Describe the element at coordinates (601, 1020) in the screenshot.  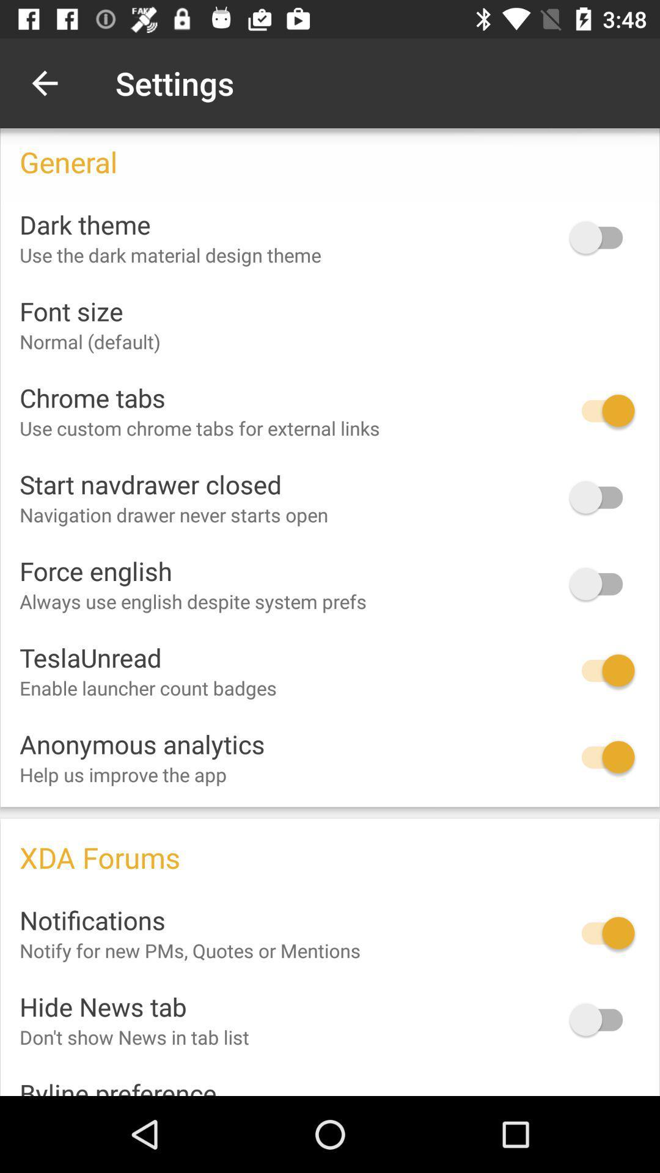
I see `on hide news tab` at that location.